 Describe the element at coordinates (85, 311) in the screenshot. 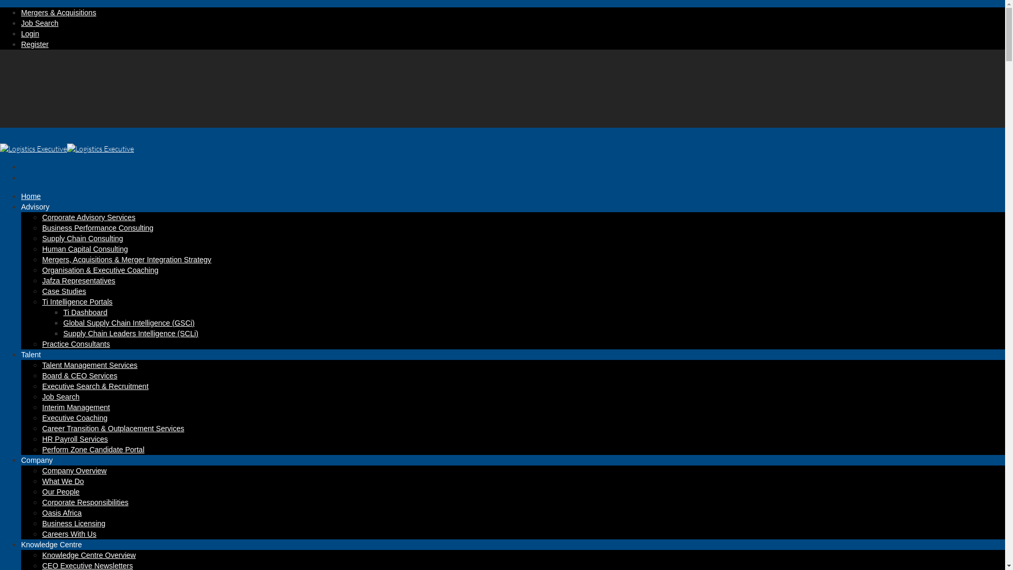

I see `'Ti Dashboard'` at that location.